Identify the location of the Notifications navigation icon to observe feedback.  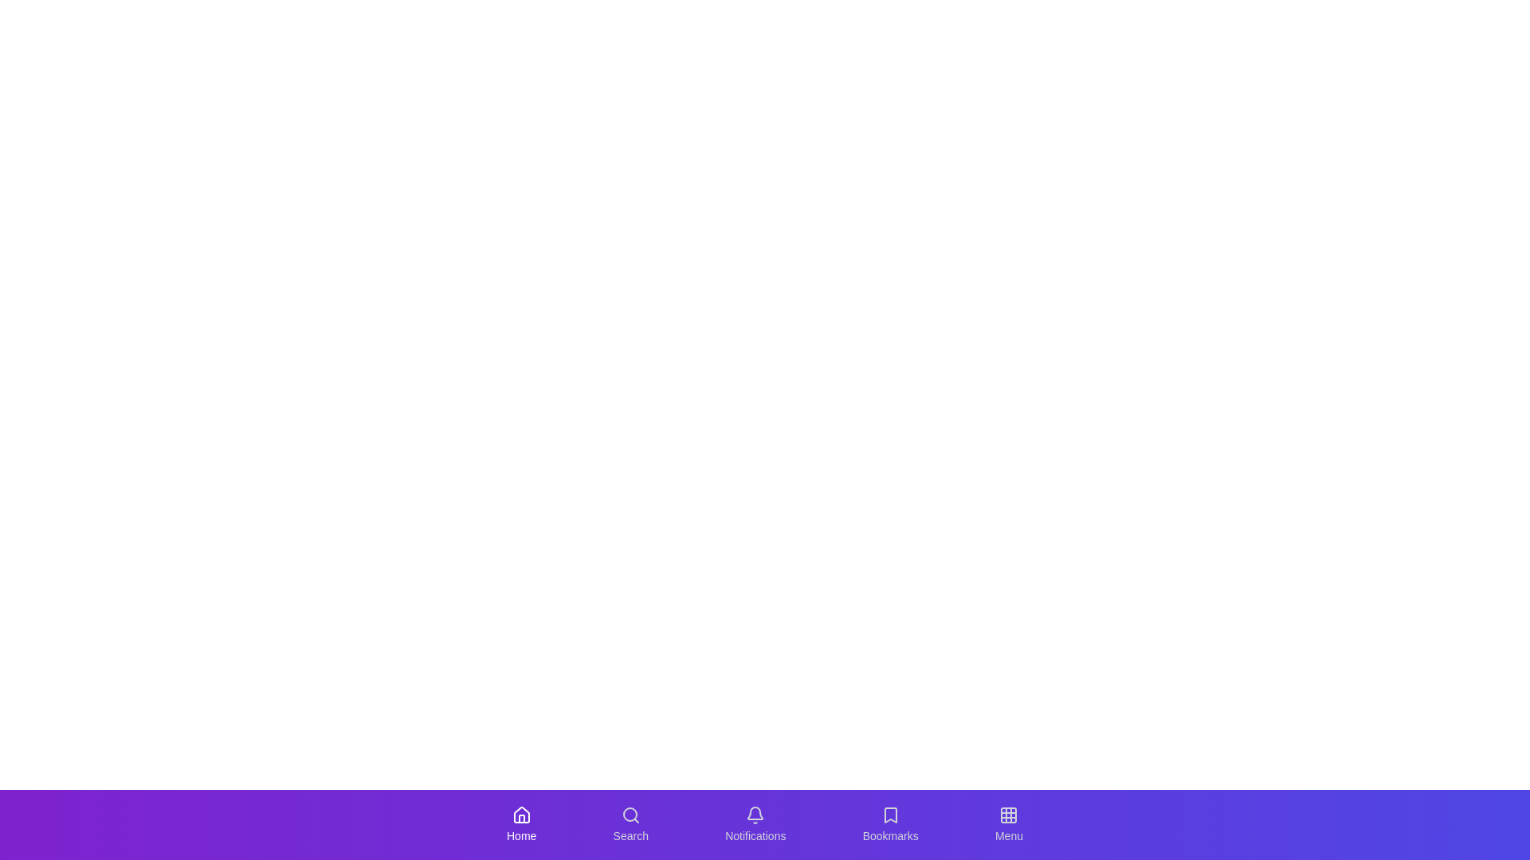
(755, 824).